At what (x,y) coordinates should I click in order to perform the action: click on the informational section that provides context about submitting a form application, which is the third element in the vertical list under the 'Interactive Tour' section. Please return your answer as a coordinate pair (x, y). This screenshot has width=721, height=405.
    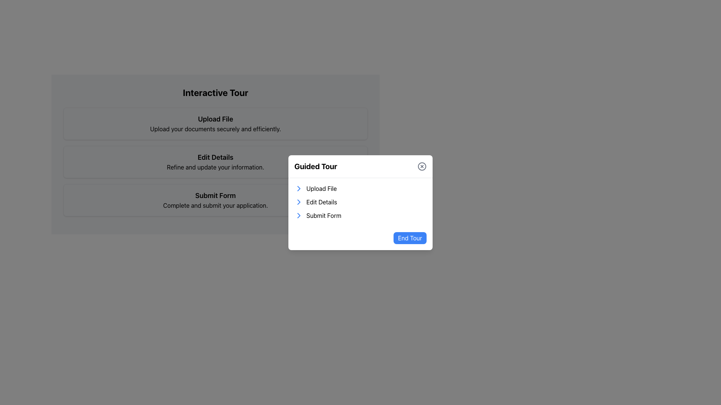
    Looking at the image, I should click on (215, 199).